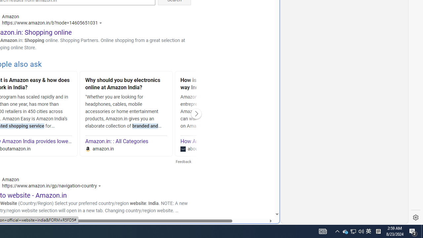 Image resolution: width=423 pixels, height=238 pixels. I want to click on 'Settings', so click(415, 218).